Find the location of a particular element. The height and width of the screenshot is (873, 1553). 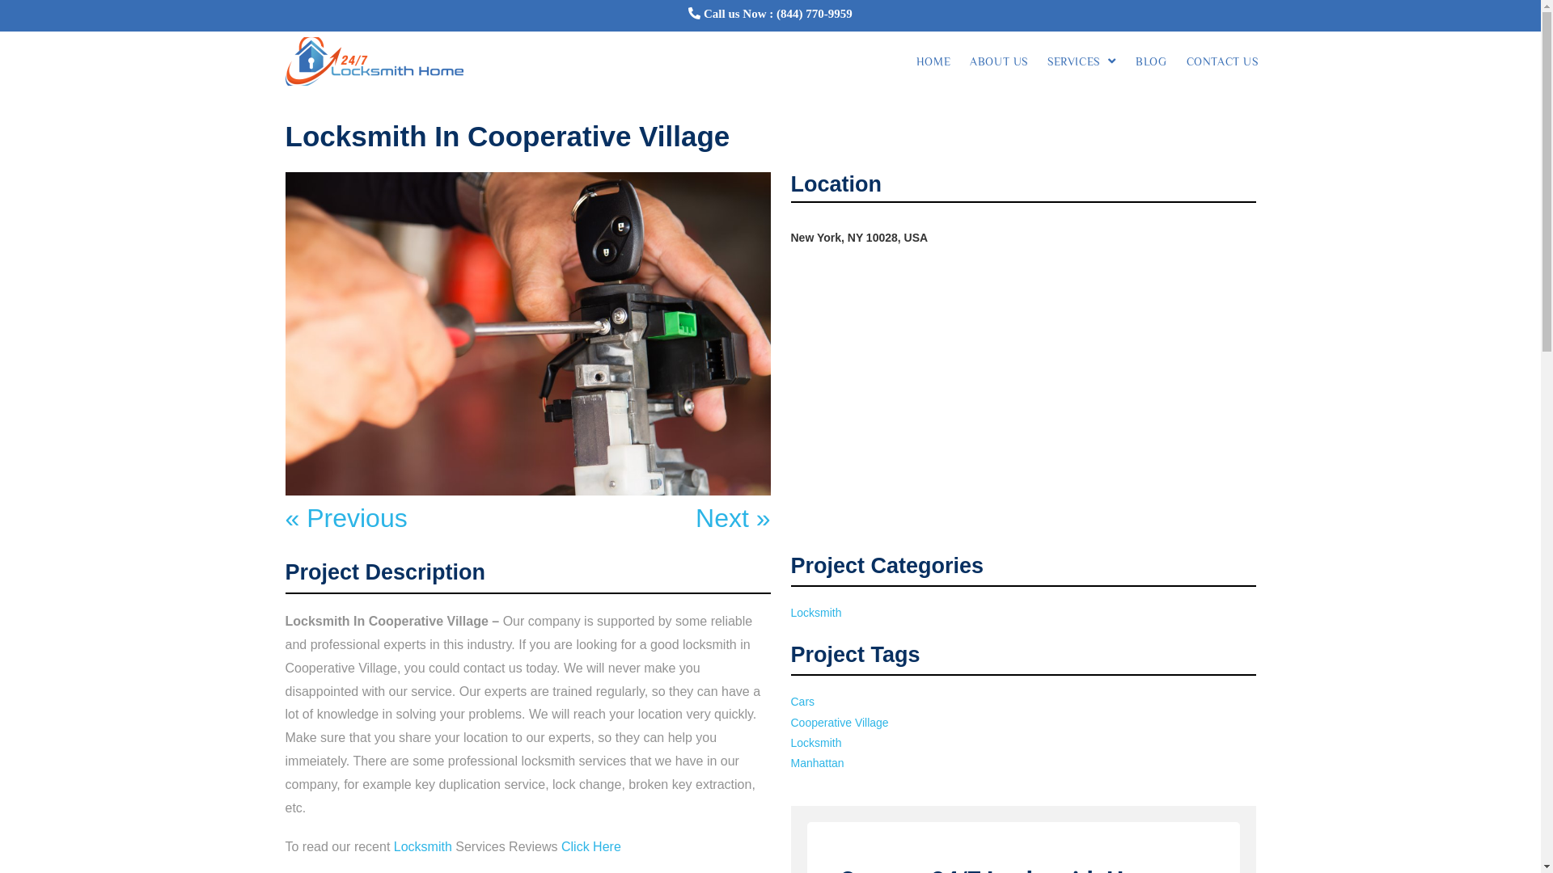

'Cooperative Village' is located at coordinates (791, 722).